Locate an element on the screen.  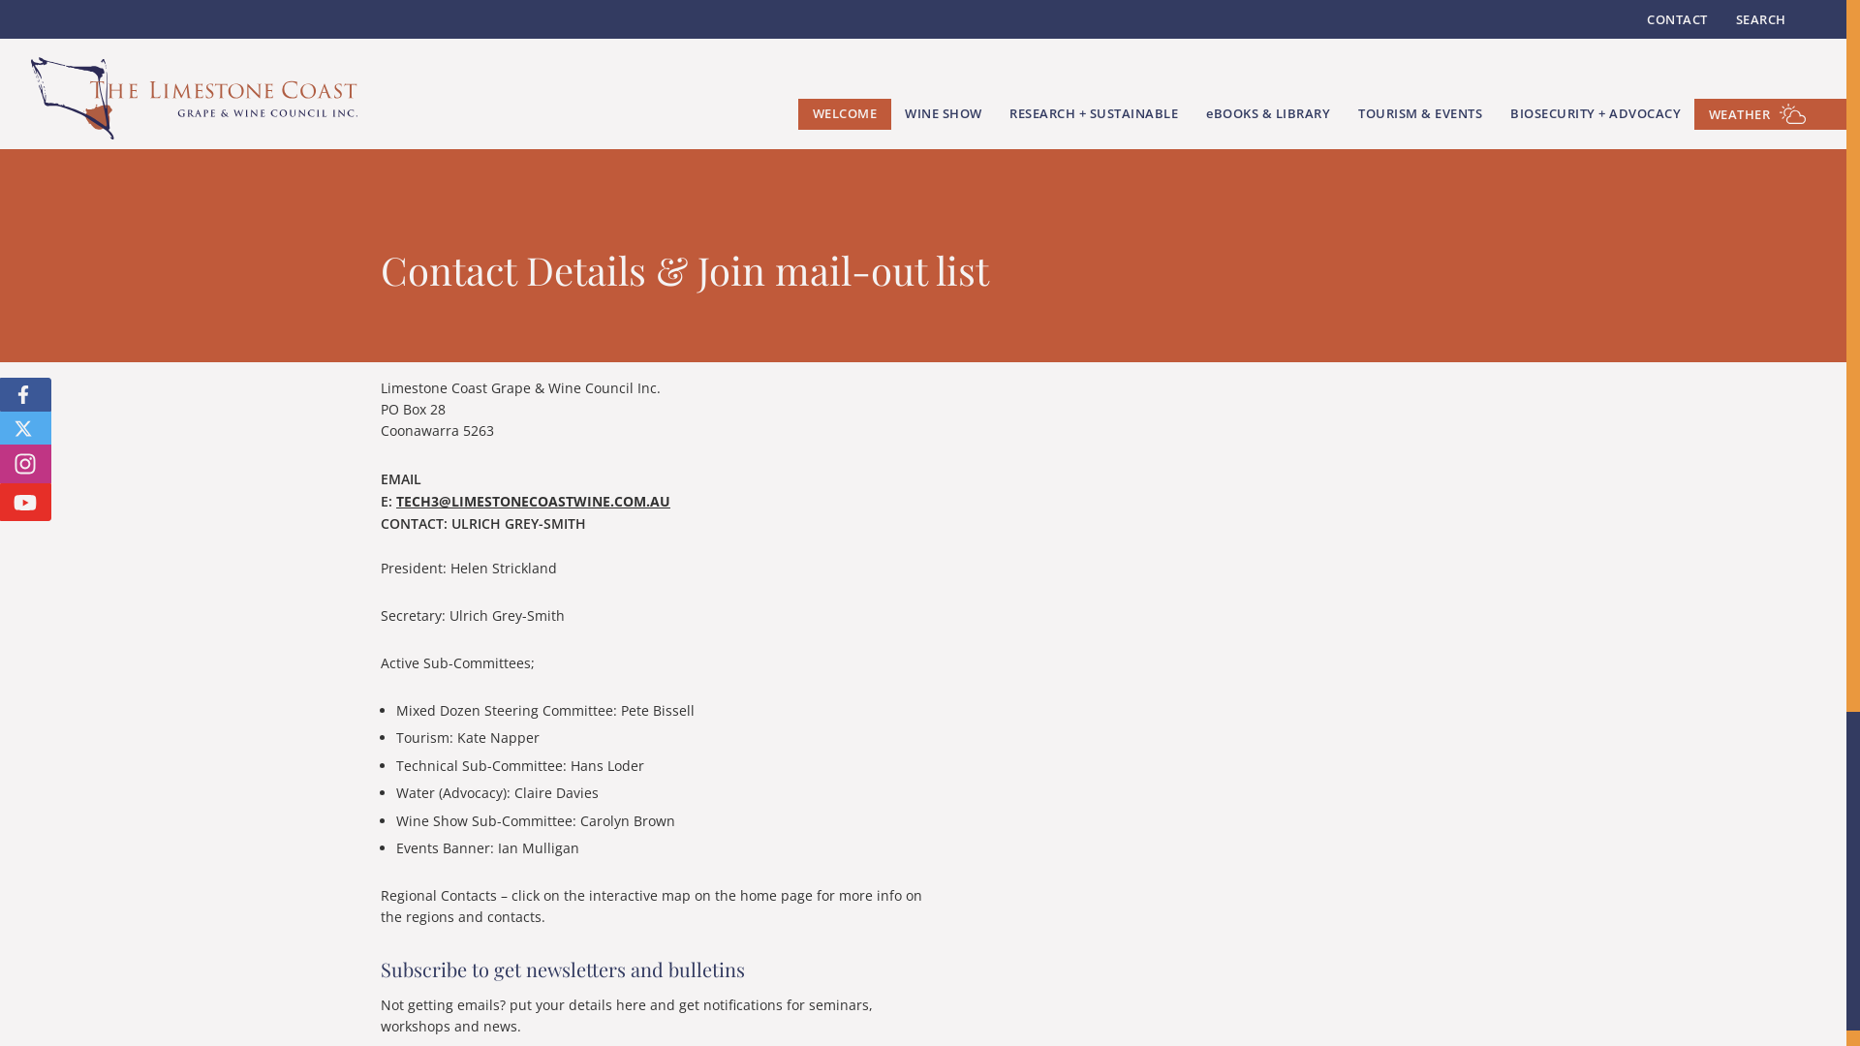
'WINE SHOW' is located at coordinates (944, 114).